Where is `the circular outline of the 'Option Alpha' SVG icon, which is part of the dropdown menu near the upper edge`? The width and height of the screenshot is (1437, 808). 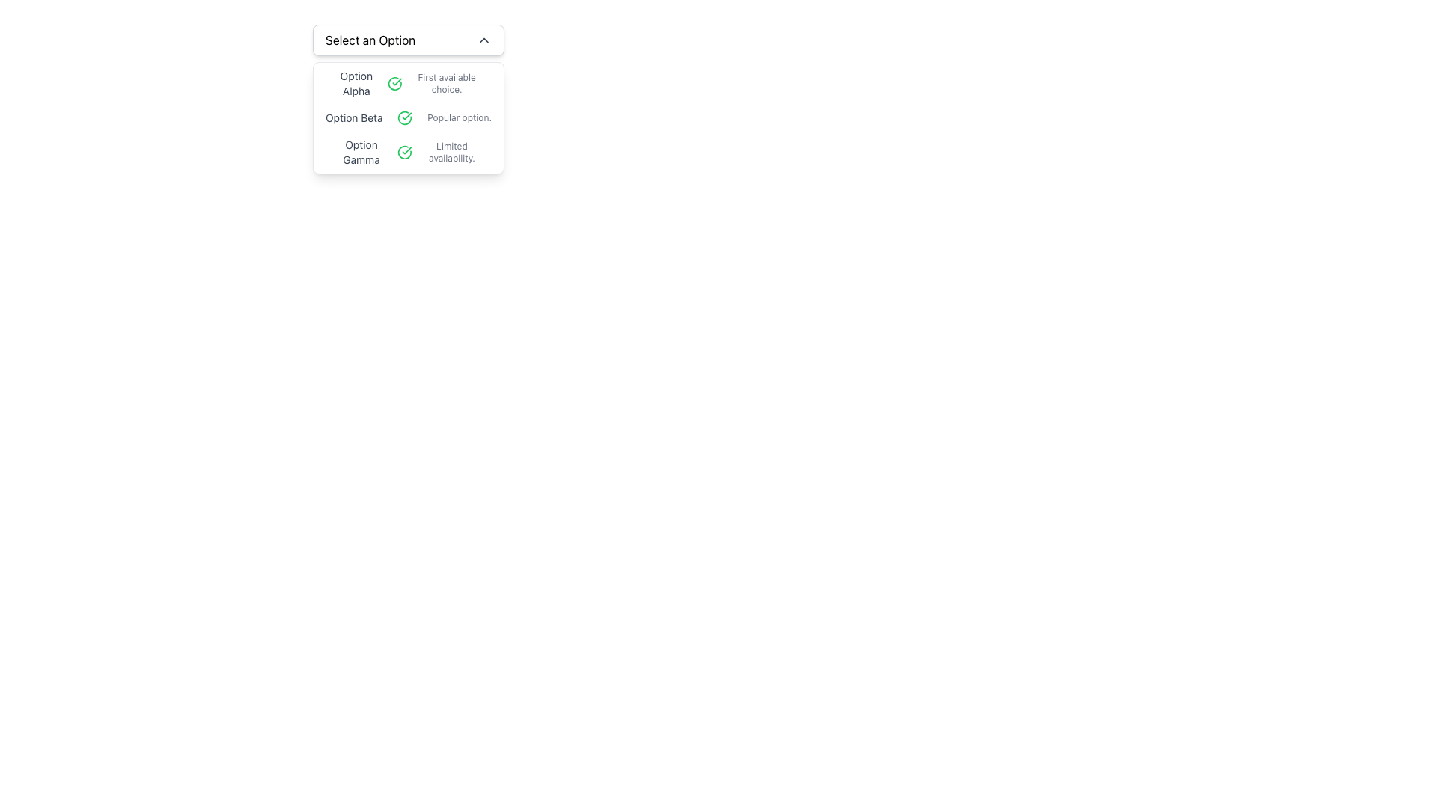
the circular outline of the 'Option Alpha' SVG icon, which is part of the dropdown menu near the upper edge is located at coordinates (394, 83).